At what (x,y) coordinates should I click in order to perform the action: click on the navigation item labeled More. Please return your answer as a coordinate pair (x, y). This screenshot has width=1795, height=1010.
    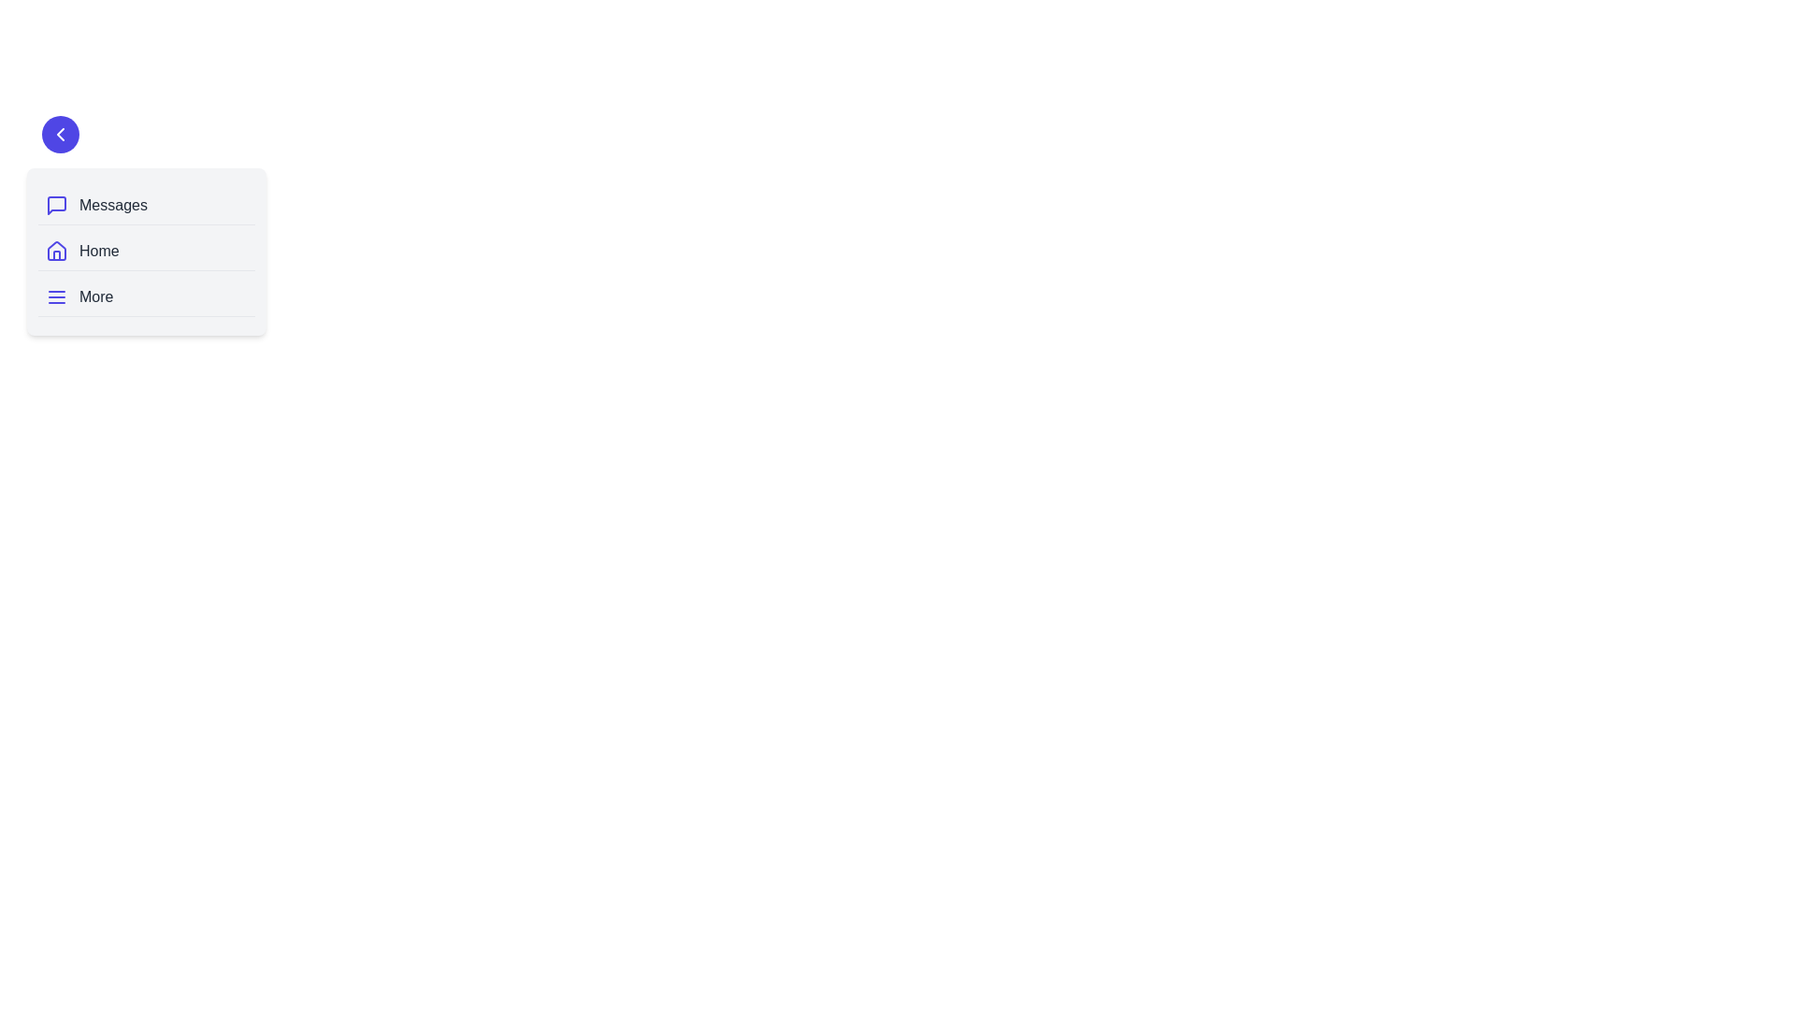
    Looking at the image, I should click on (146, 296).